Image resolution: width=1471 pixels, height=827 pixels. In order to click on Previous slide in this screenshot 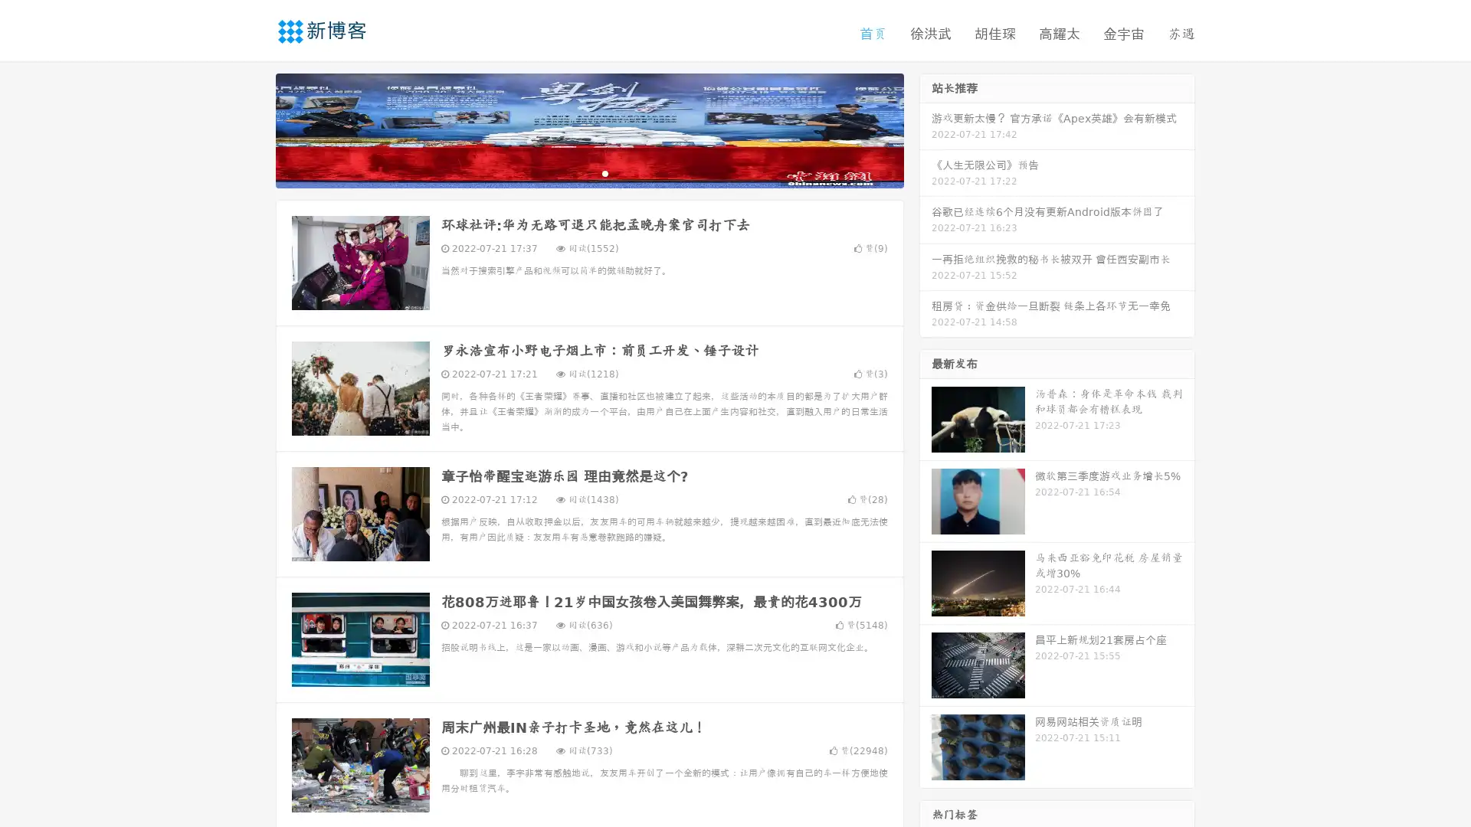, I will do `click(253, 129)`.